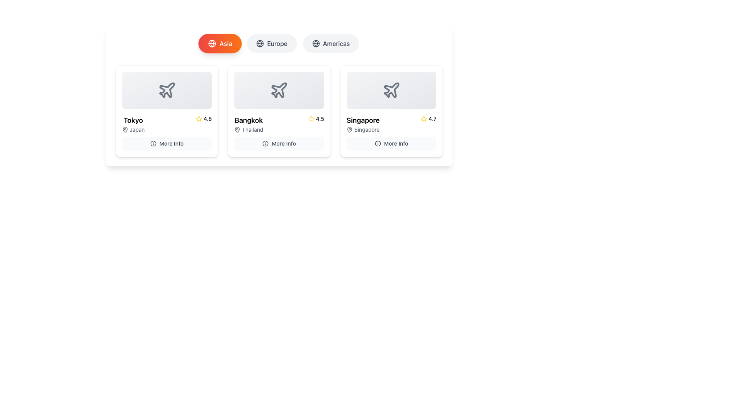 This screenshot has height=417, width=742. I want to click on the yellow five-pointed star icon located to the right of the rating text '4.5' in the 'Bangkok' card, so click(199, 119).